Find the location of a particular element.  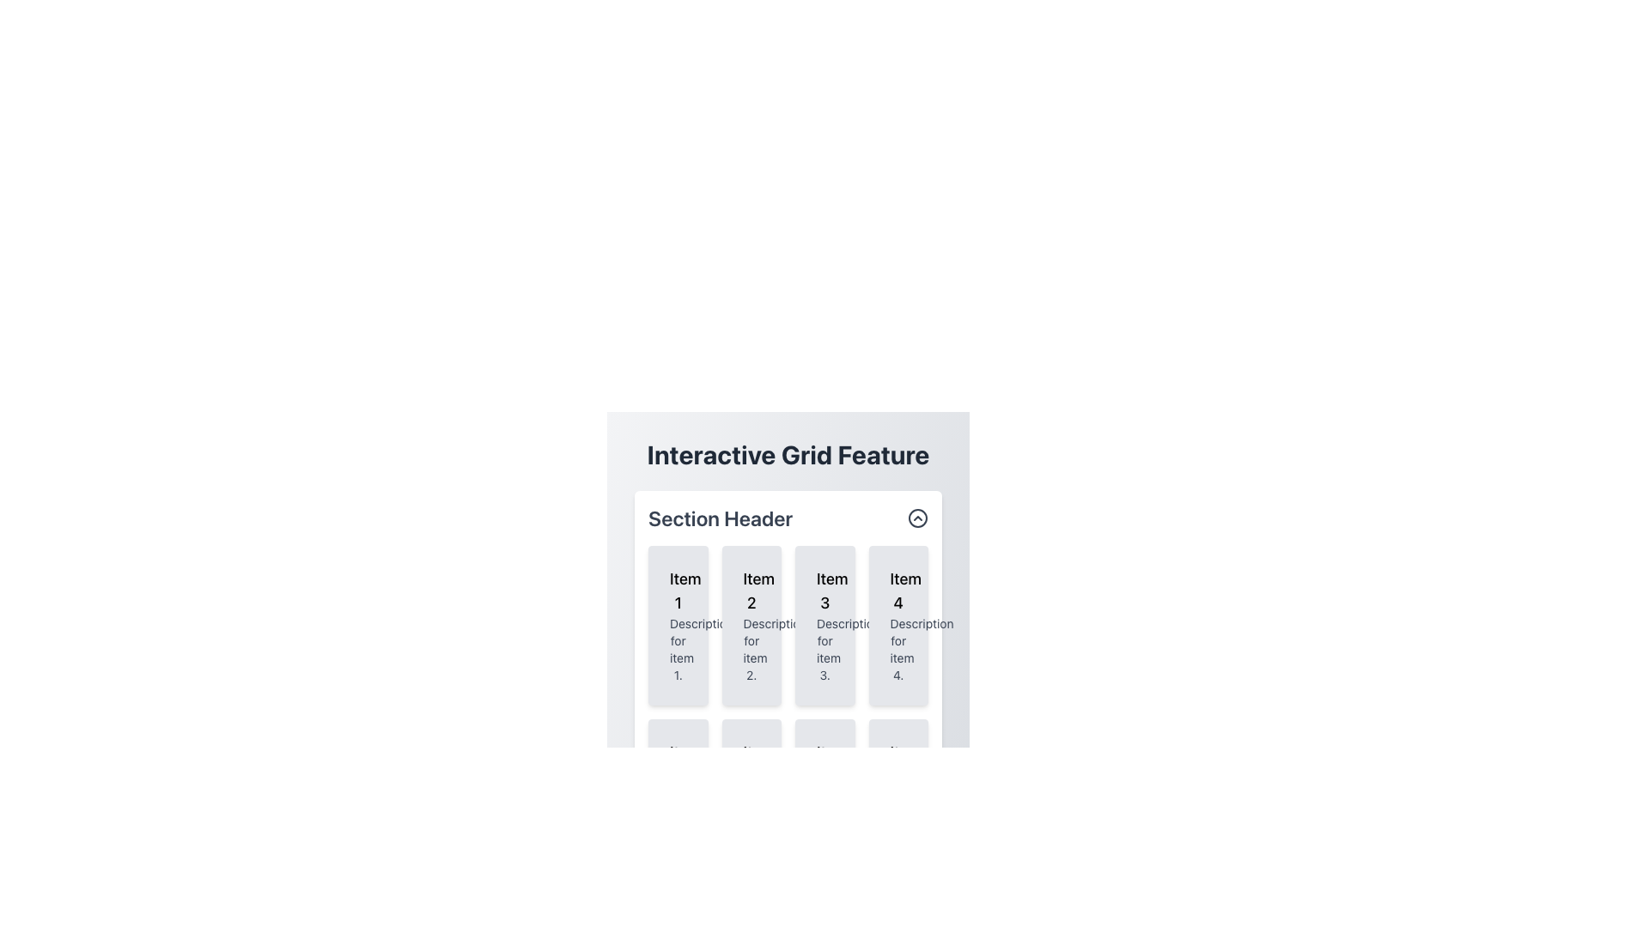

the text label that serves as the title for the second item card in the horizontal grid under the 'Section Header' is located at coordinates (751, 591).